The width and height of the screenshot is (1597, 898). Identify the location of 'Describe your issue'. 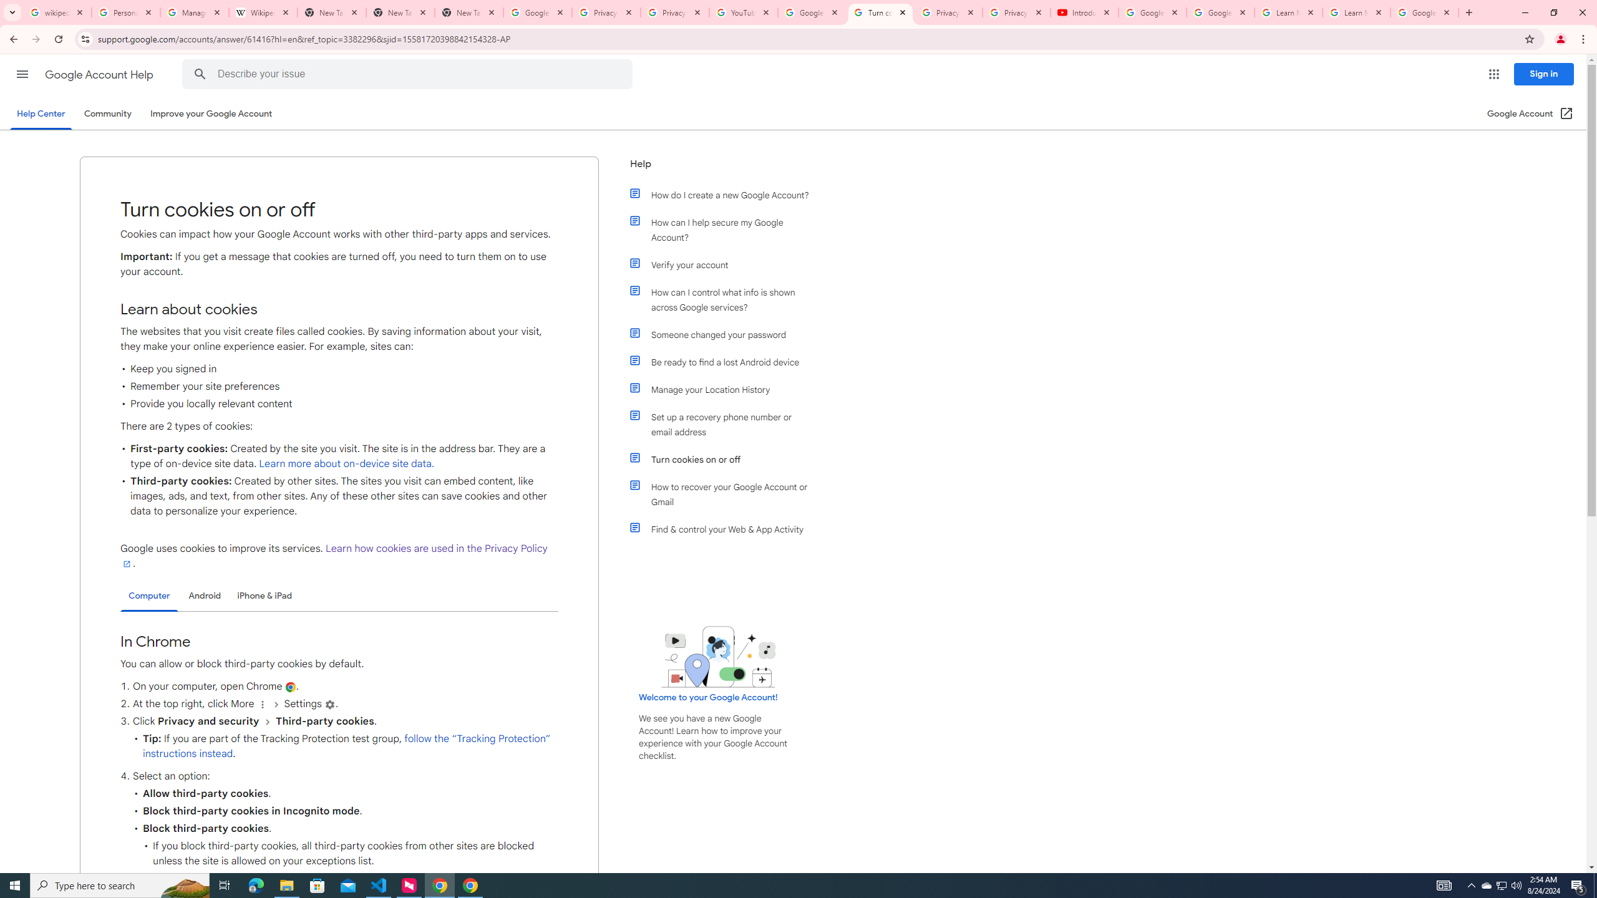
(409, 74).